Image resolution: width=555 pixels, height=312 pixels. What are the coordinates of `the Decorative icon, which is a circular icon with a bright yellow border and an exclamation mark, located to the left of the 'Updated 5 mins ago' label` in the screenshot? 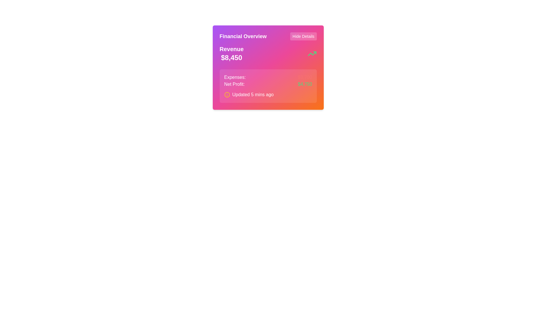 It's located at (227, 94).